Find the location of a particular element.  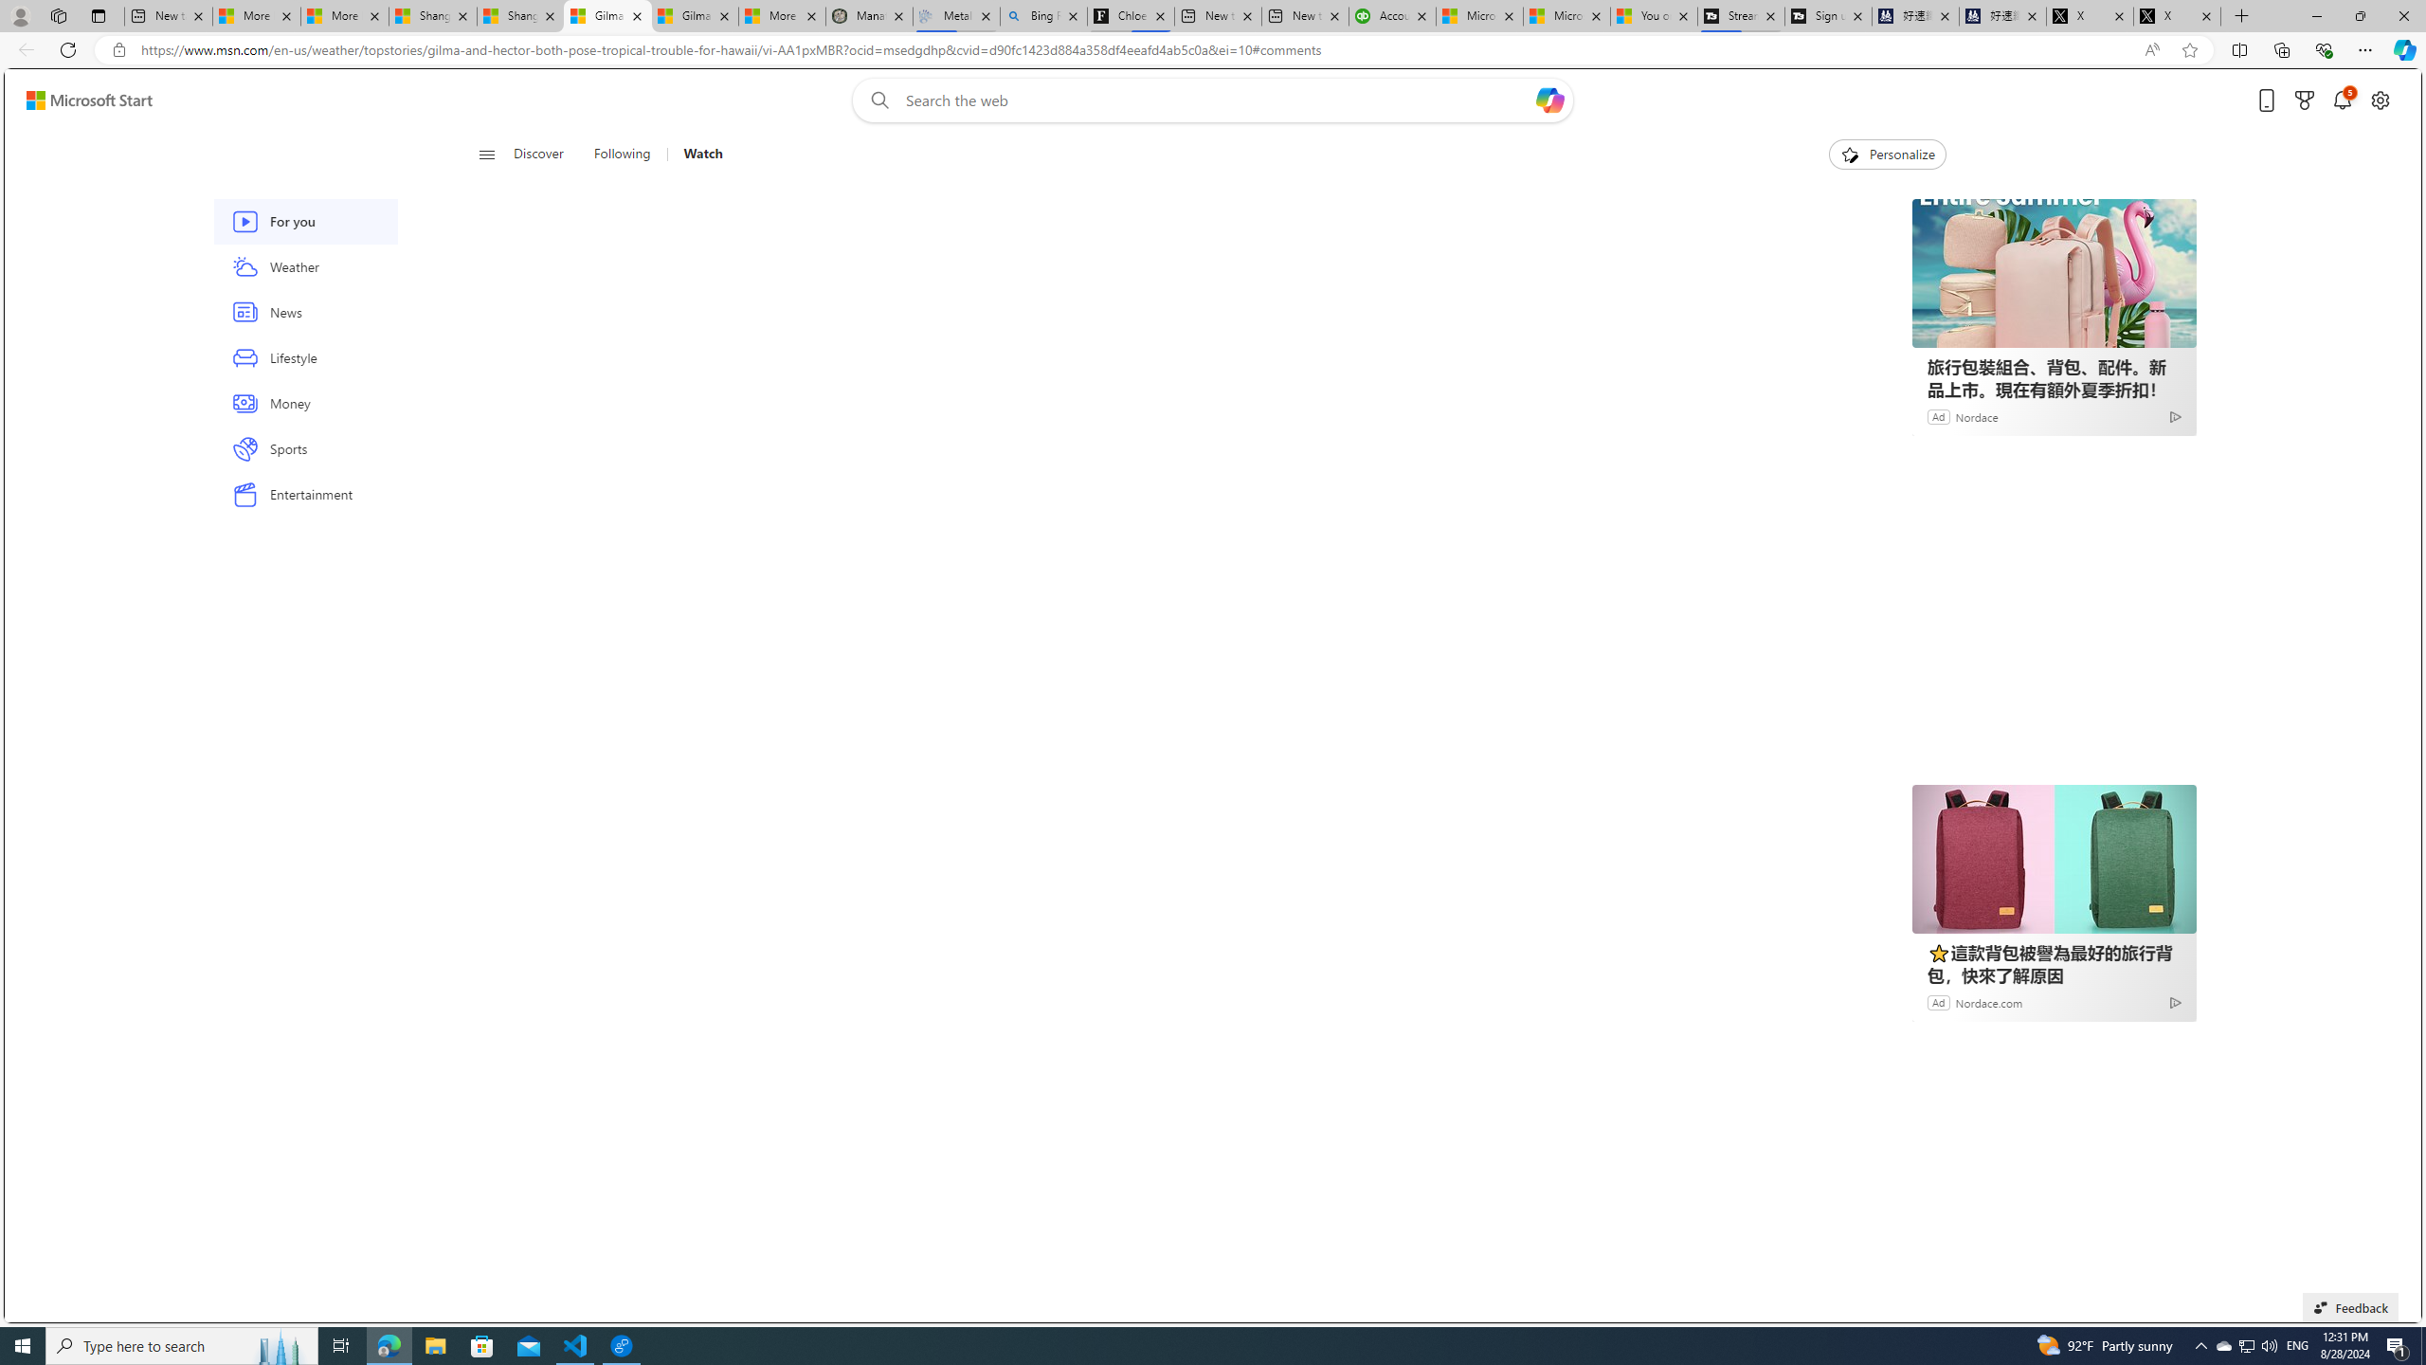

'Open settings' is located at coordinates (2380, 100).